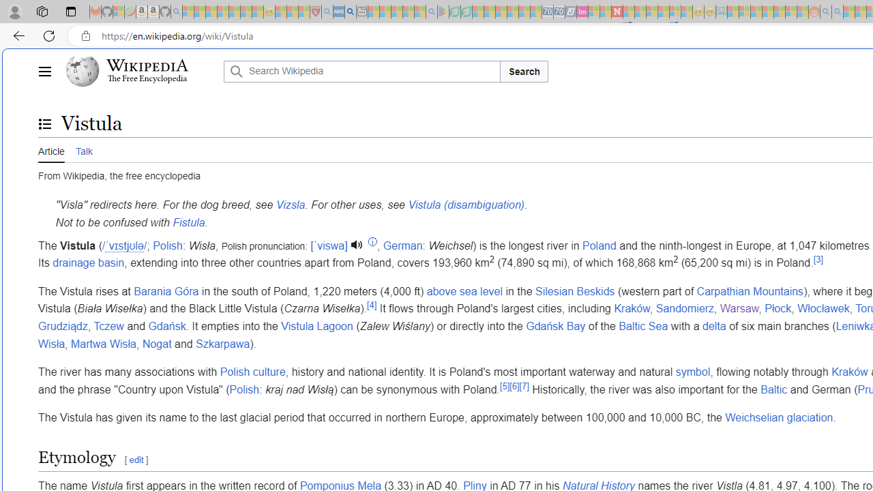  I want to click on 'list of asthma inhalers uk - Search - Sleeping', so click(327, 12).